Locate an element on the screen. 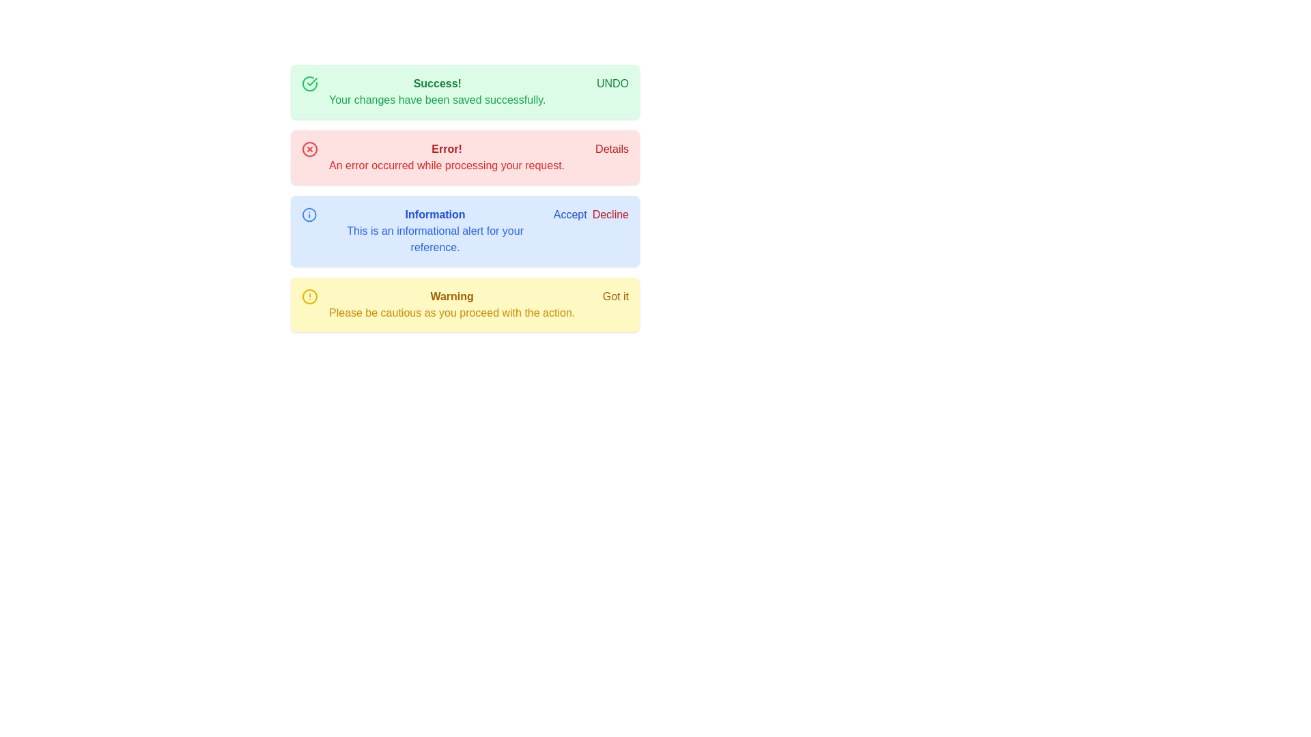 Image resolution: width=1311 pixels, height=737 pixels. text of the green-themed notification message that displays 'Success!' and 'Your changes have been saved successfully.' is located at coordinates (437, 92).